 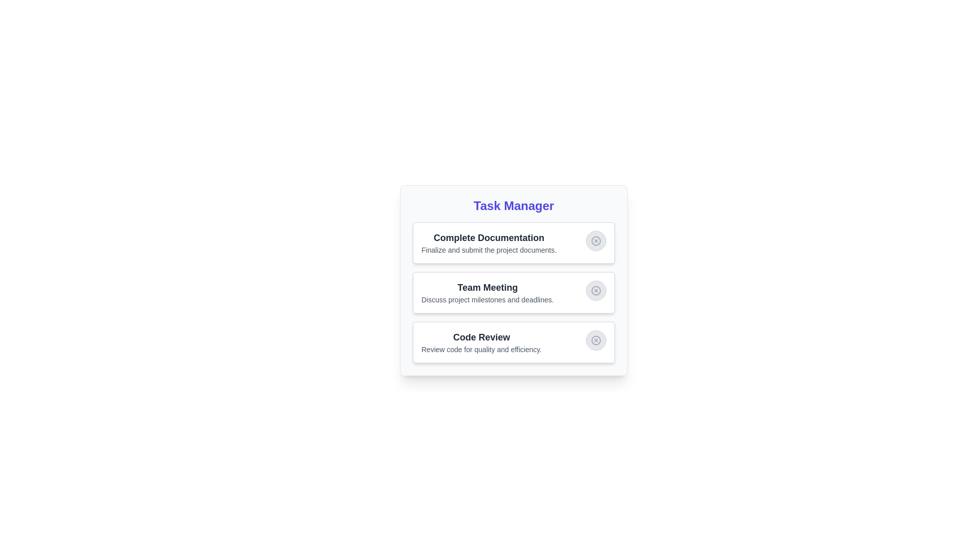 What do you see at coordinates (596, 291) in the screenshot?
I see `the toggle button for task Team Meeting to mark it as complete or incomplete` at bounding box center [596, 291].